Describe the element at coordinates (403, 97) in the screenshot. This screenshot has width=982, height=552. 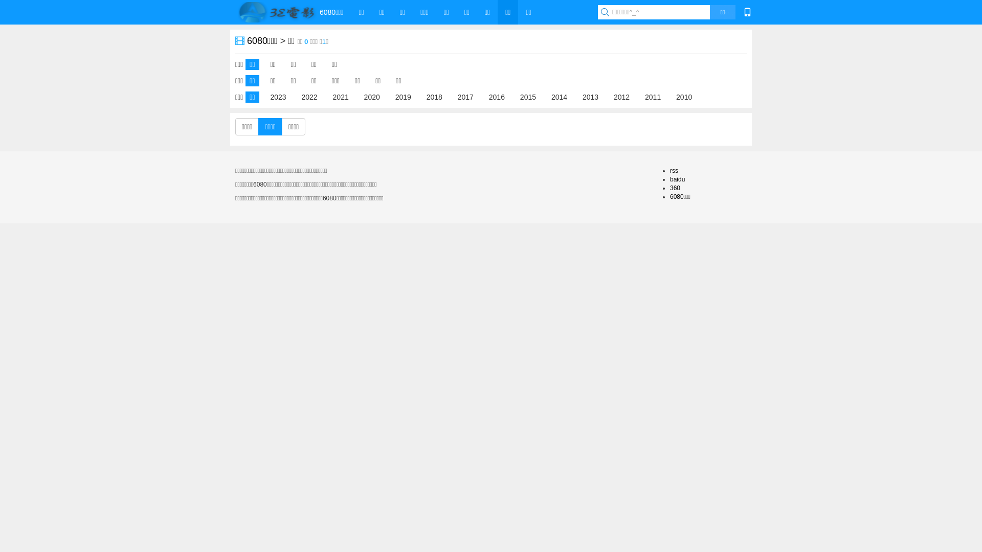
I see `'2019'` at that location.